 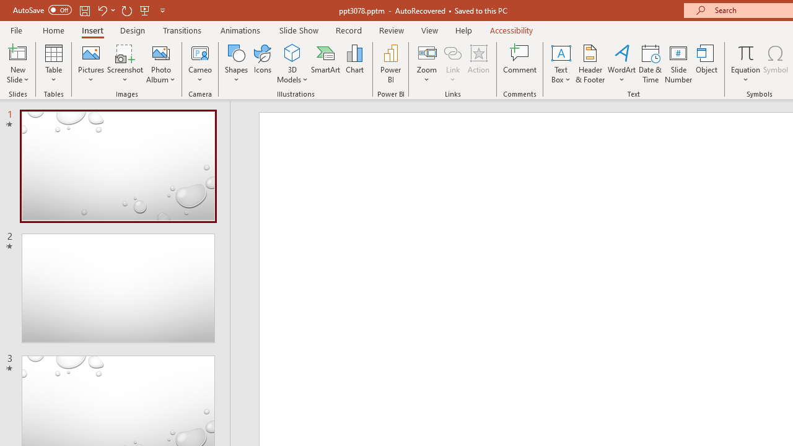 I want to click on 'Symbol...', so click(x=775, y=64).